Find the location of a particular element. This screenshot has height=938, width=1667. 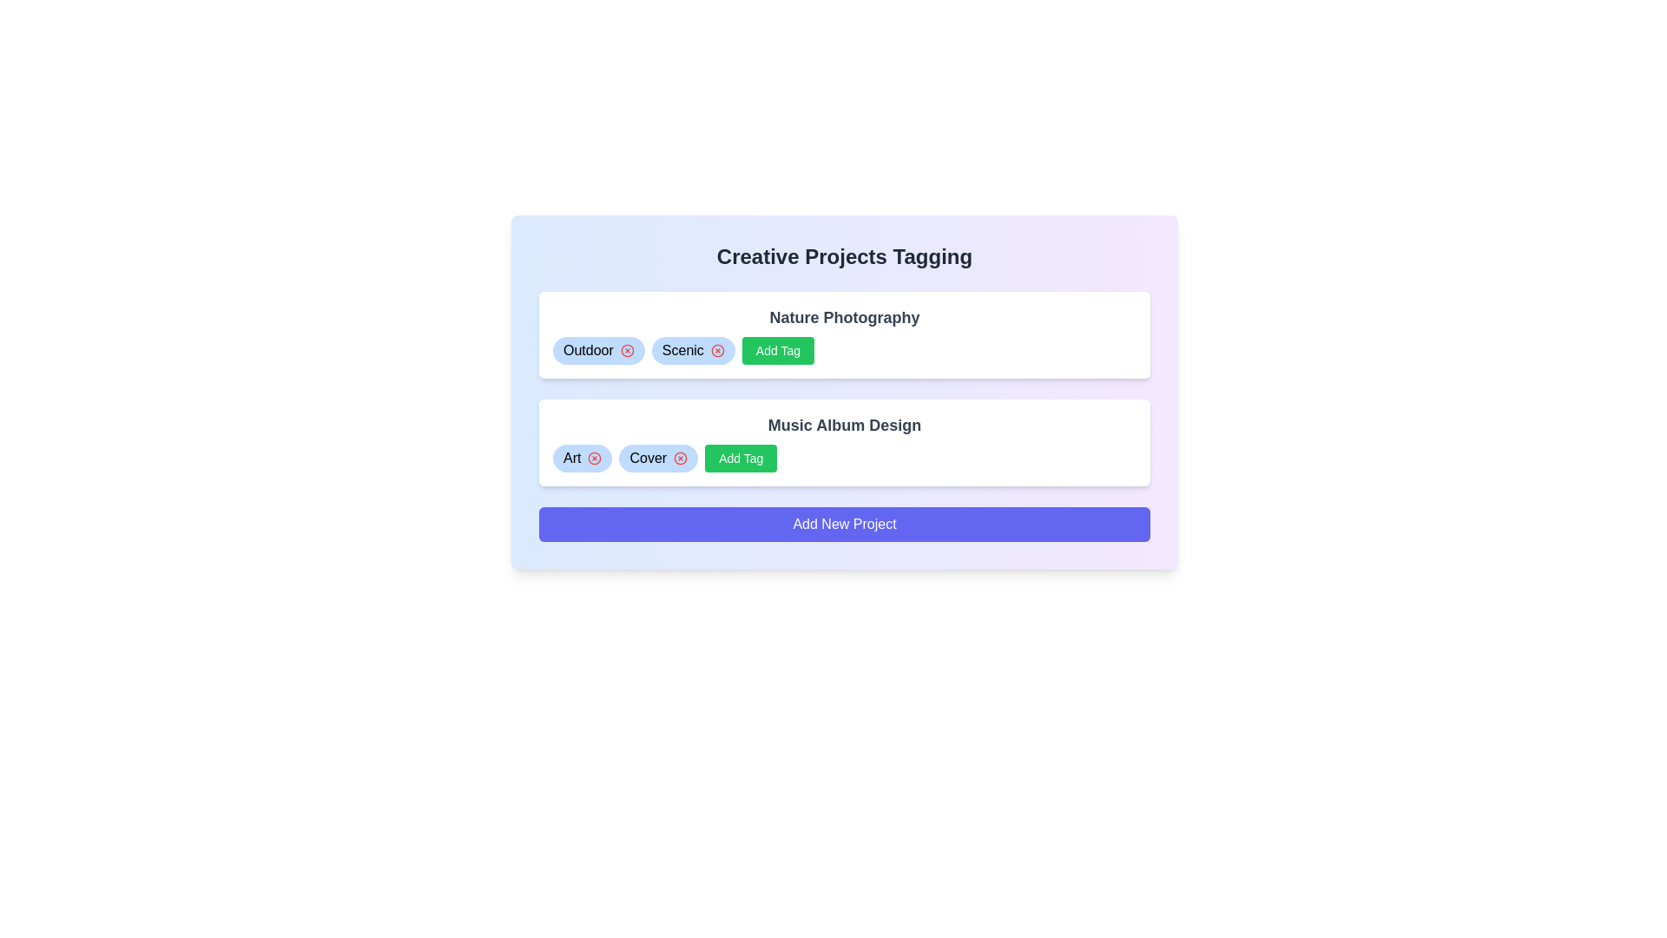

the dismiss button on the Tag chip labeled 'Art', which is located under the 'Music Album Design' section is located at coordinates (583, 458).